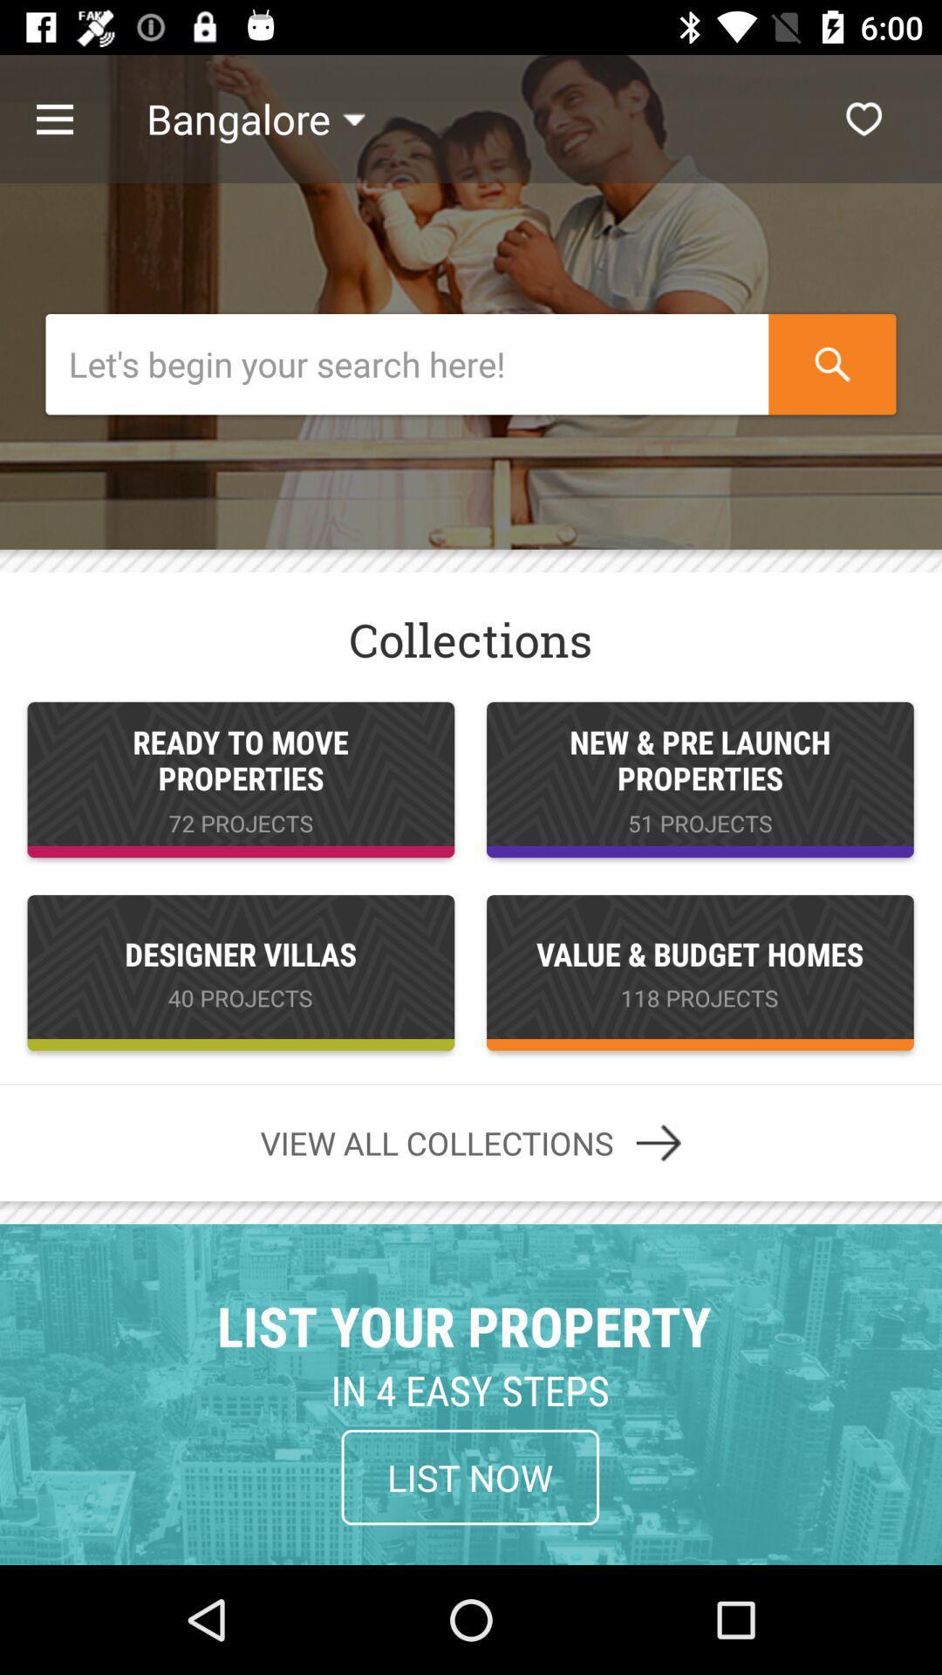 The height and width of the screenshot is (1675, 942). Describe the element at coordinates (863, 118) in the screenshot. I see `icon to the right of the bangalore` at that location.